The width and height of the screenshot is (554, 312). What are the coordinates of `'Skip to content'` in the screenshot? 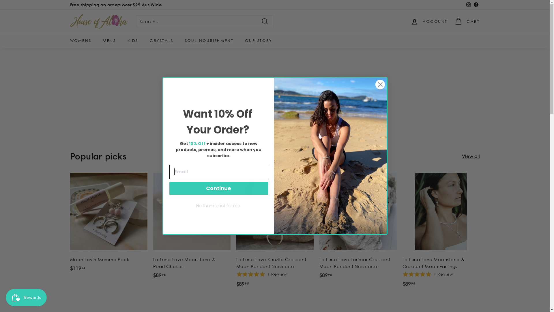 It's located at (0, 0).